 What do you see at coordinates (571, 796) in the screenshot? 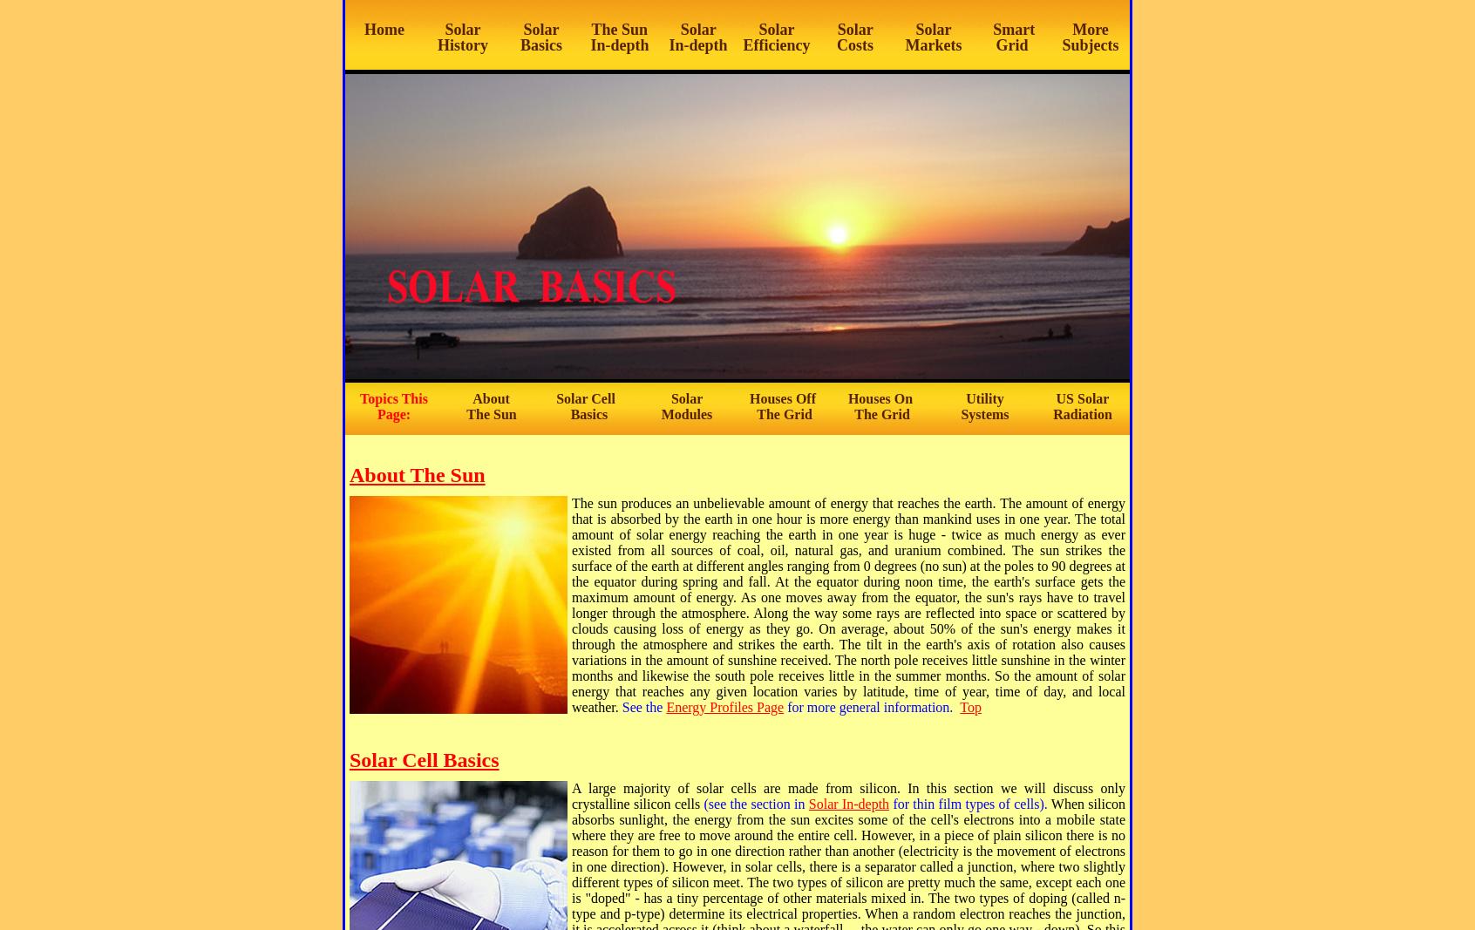
I see `'A  large majority of   solar cells are made from silicon.  In this section we will discuss only crystalline silicon cells'` at bounding box center [571, 796].